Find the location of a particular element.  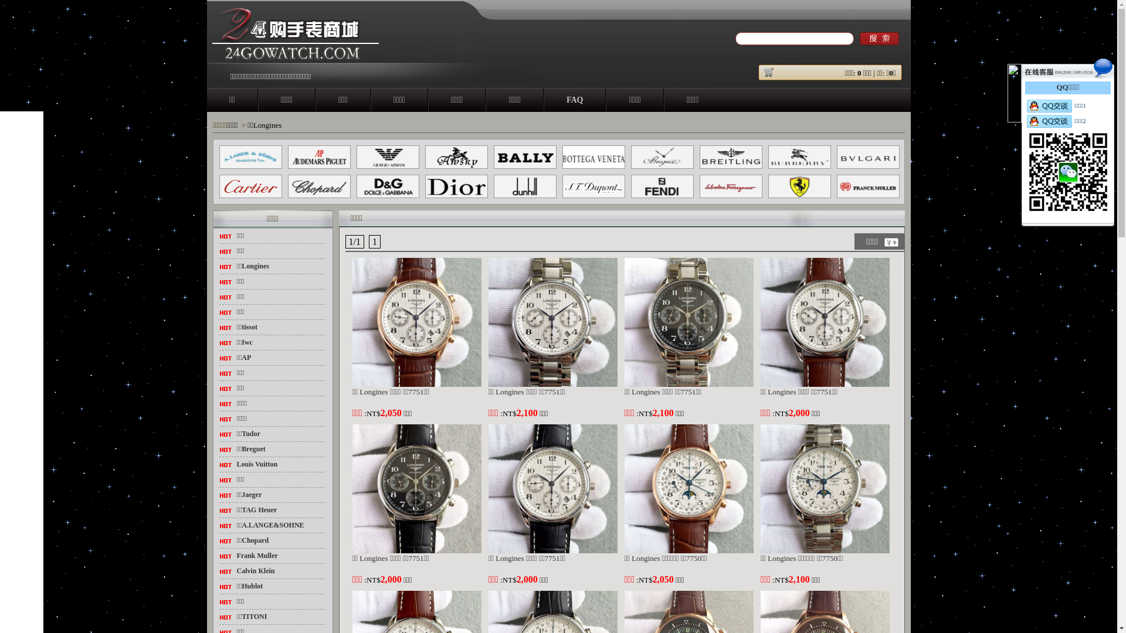

'1/1' is located at coordinates (354, 241).